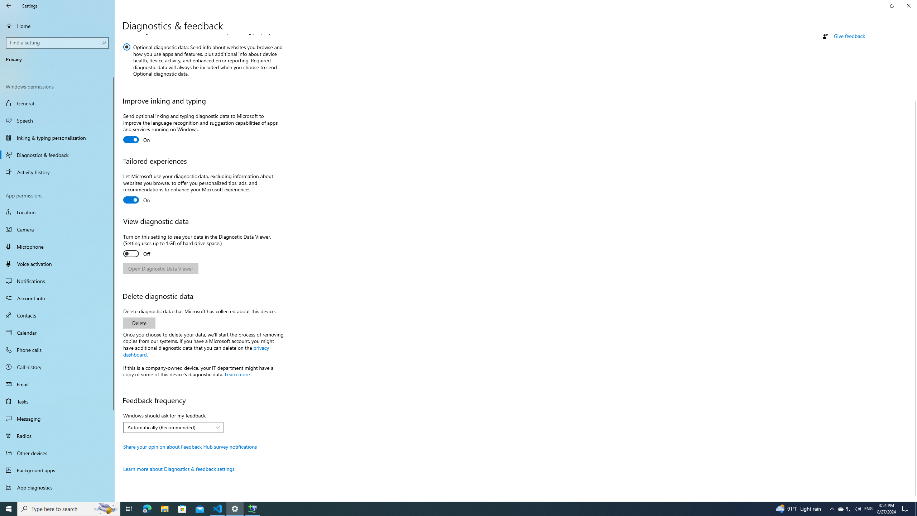 This screenshot has height=516, width=917. I want to click on 'Camera', so click(57, 229).